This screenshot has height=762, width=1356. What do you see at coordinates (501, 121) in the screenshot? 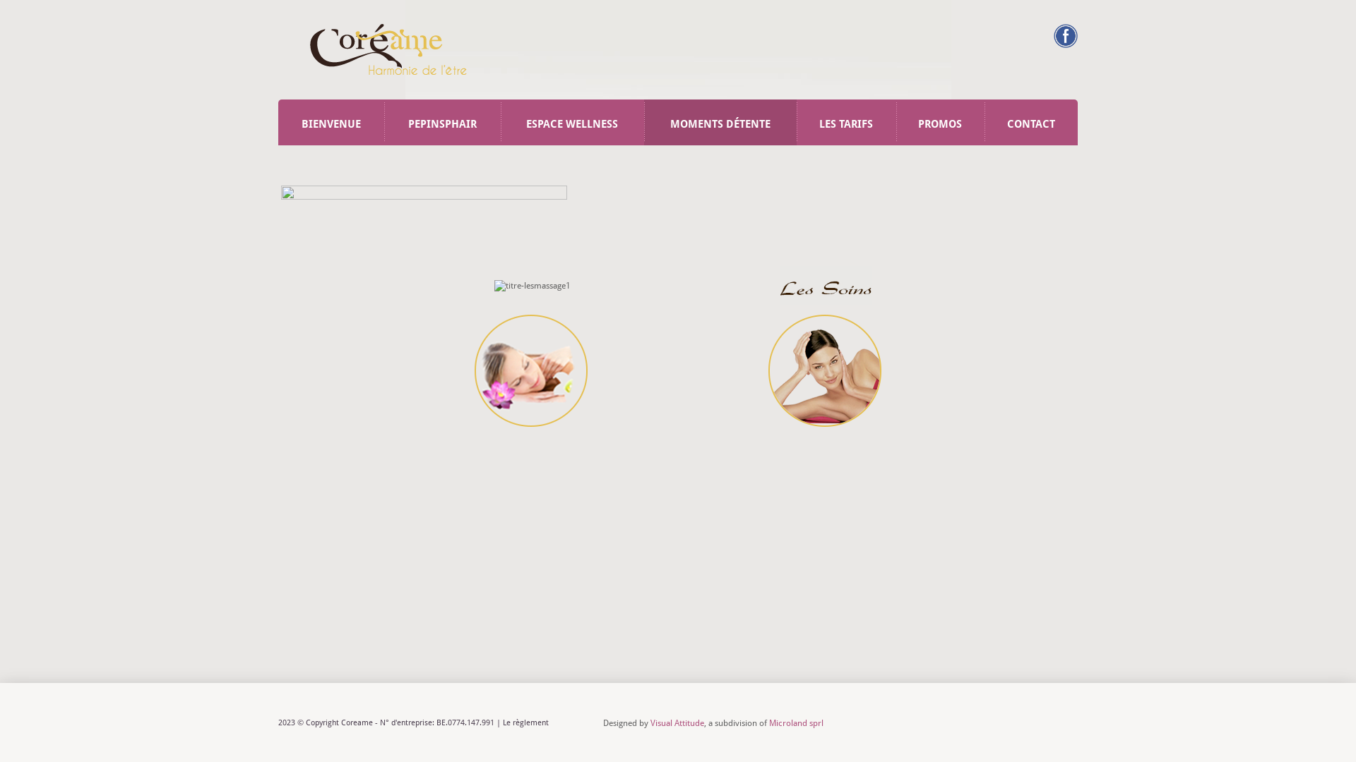
I see `'ESPACE WELLNESS'` at bounding box center [501, 121].